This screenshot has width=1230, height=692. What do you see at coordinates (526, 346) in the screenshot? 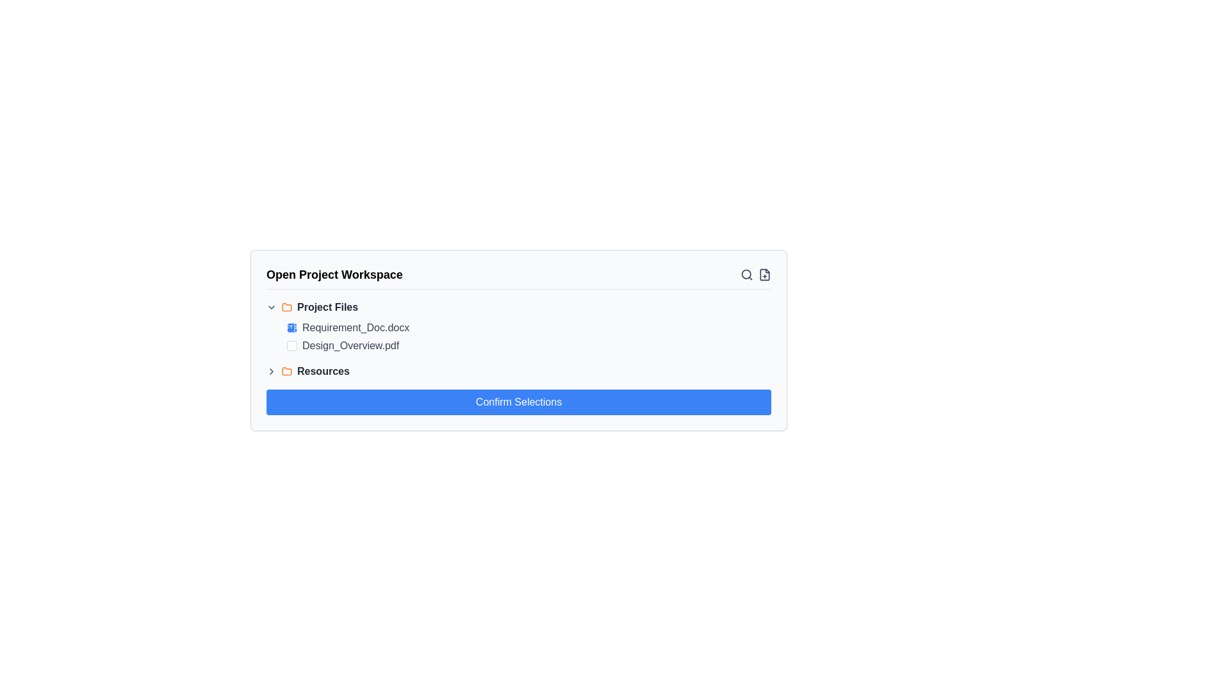
I see `the checkbox in the File row entry representing the file 'Design_Overview.pdf'` at bounding box center [526, 346].